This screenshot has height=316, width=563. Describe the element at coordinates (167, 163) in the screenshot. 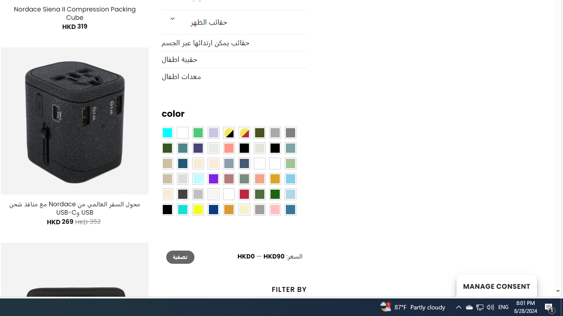

I see `'Brownie'` at that location.